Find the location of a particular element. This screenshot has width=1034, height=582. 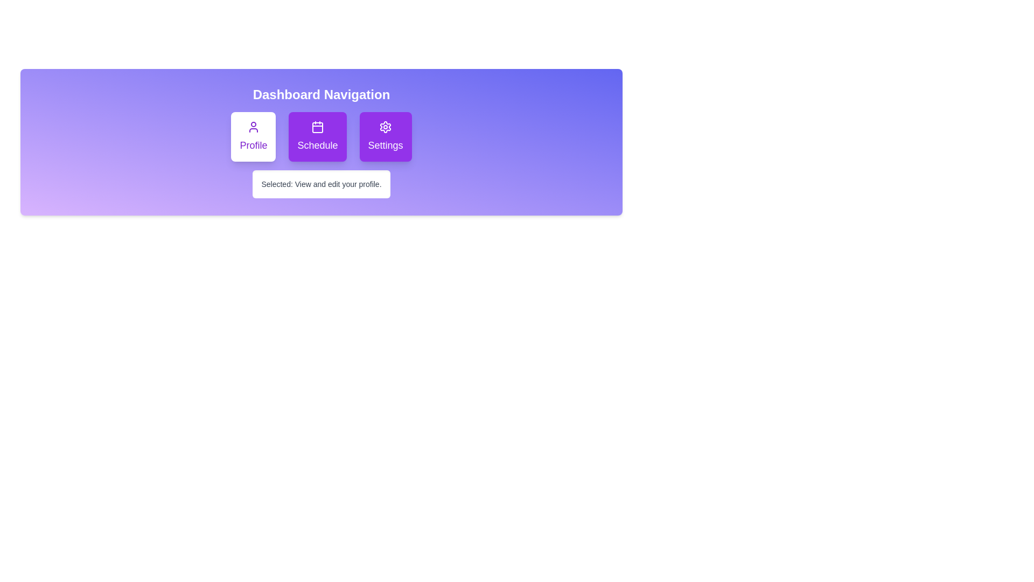

the 'Schedule' navigation button is located at coordinates (320, 136).